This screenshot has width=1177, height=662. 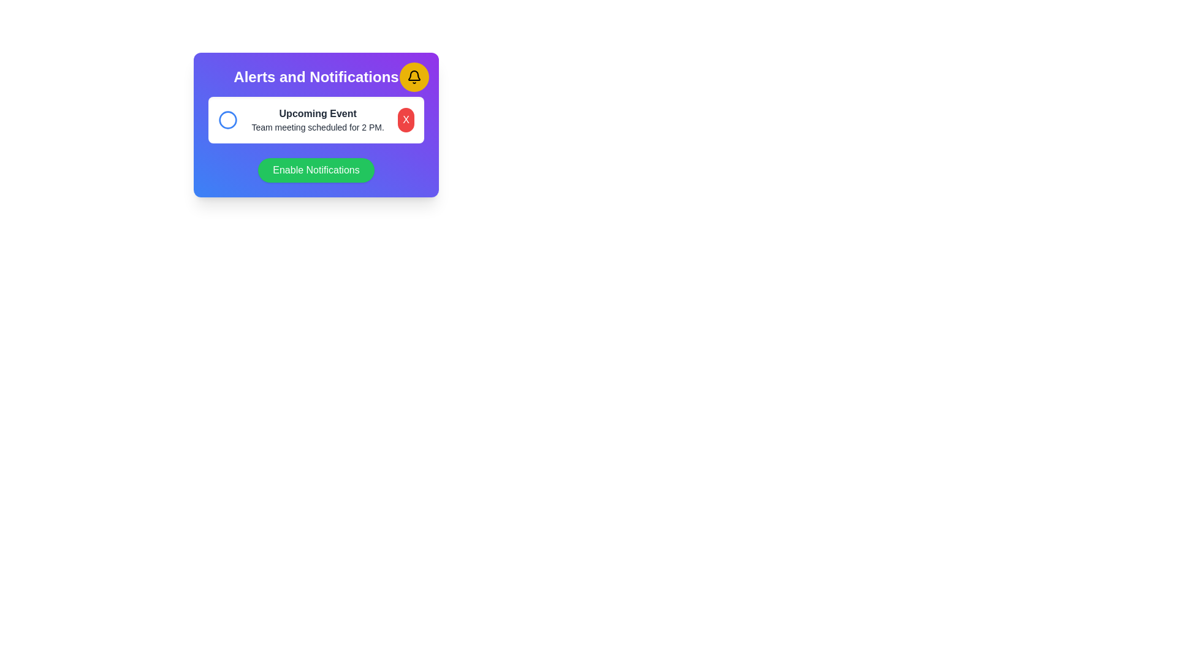 What do you see at coordinates (414, 77) in the screenshot?
I see `the black bell icon within the yellow circular background located in the top-right corner of the purple card labeled 'Alerts and Notifications'` at bounding box center [414, 77].